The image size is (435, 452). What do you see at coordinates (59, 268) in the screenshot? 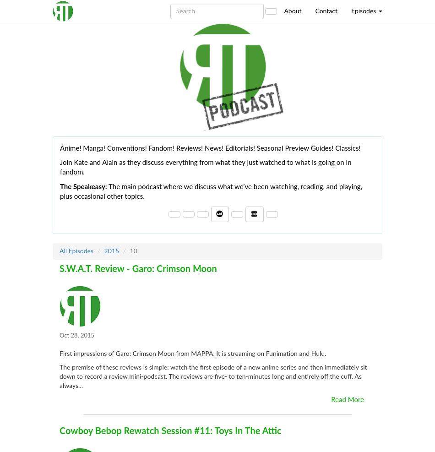
I see `'S.W.A.T. Review - Garo: Crimson Moon'` at bounding box center [59, 268].